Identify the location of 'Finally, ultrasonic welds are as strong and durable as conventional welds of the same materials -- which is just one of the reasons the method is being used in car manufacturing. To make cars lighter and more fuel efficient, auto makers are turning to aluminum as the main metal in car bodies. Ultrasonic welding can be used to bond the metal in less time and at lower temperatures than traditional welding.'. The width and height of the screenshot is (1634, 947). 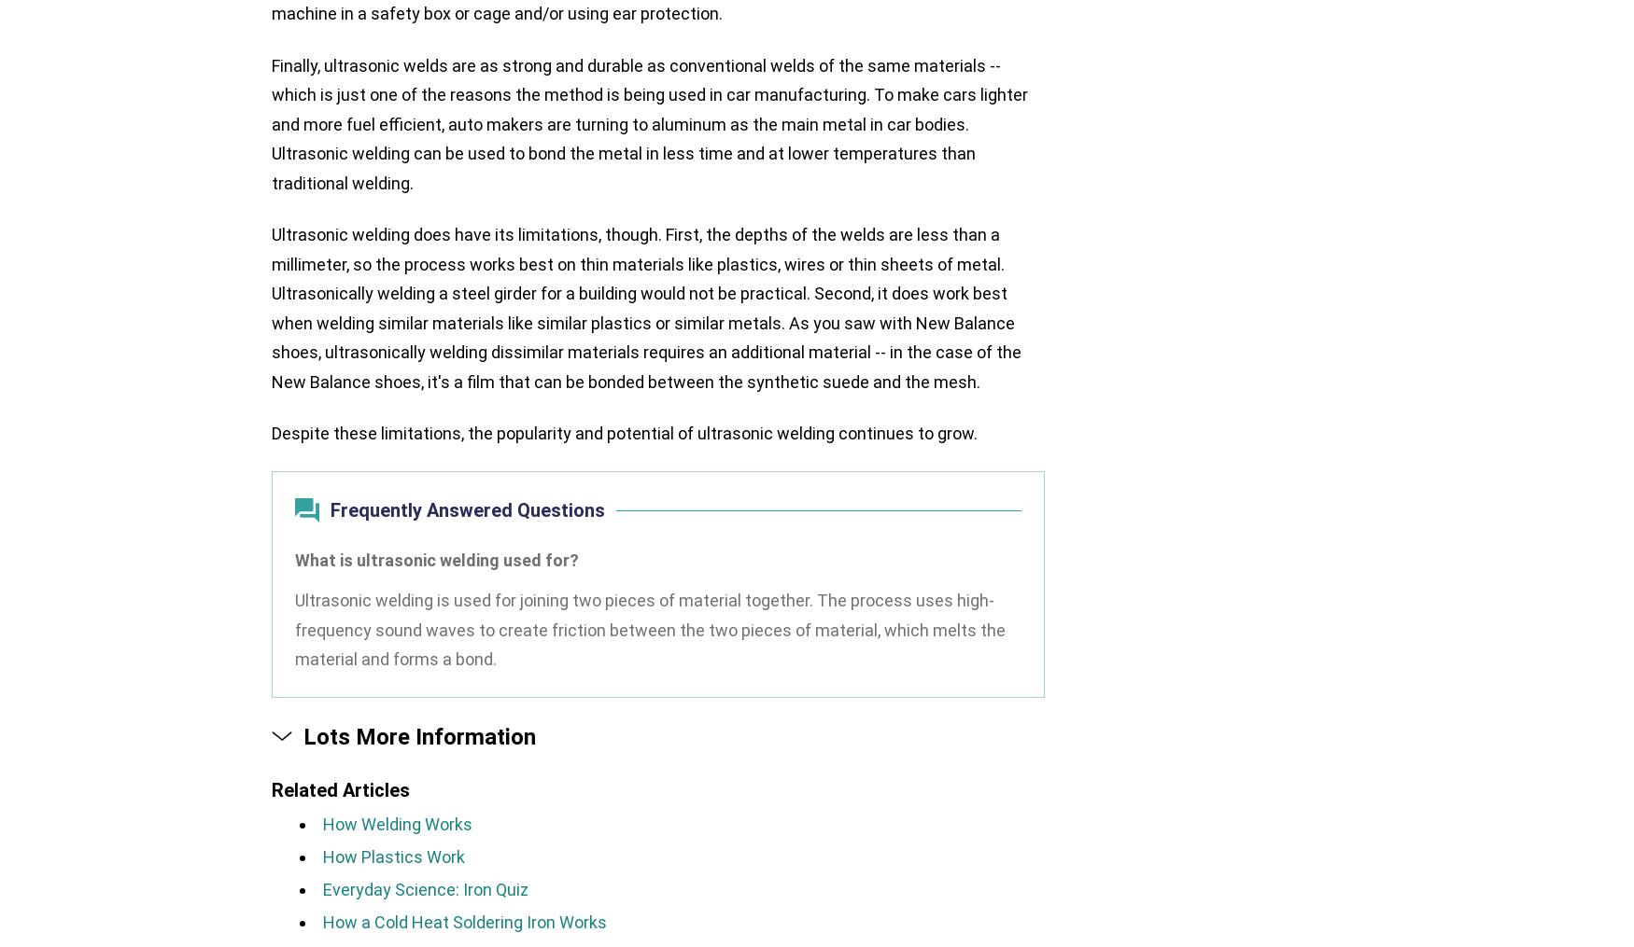
(649, 123).